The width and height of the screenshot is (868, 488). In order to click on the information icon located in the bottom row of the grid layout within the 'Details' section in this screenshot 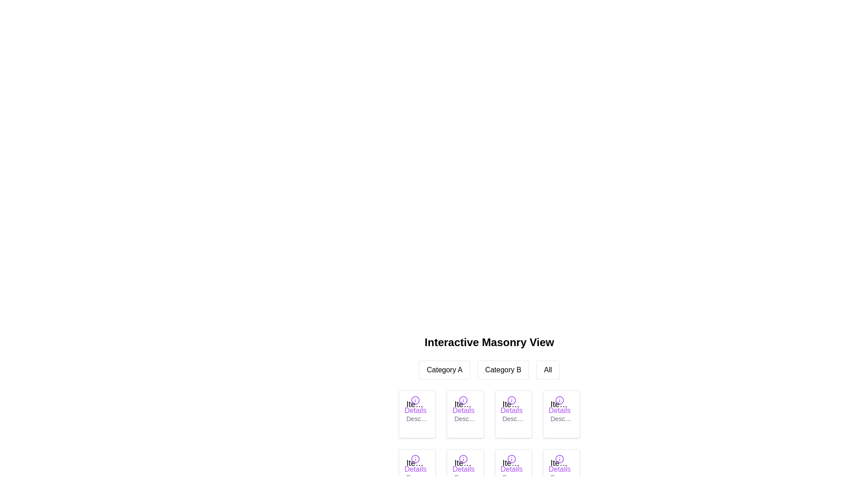, I will do `click(463, 459)`.